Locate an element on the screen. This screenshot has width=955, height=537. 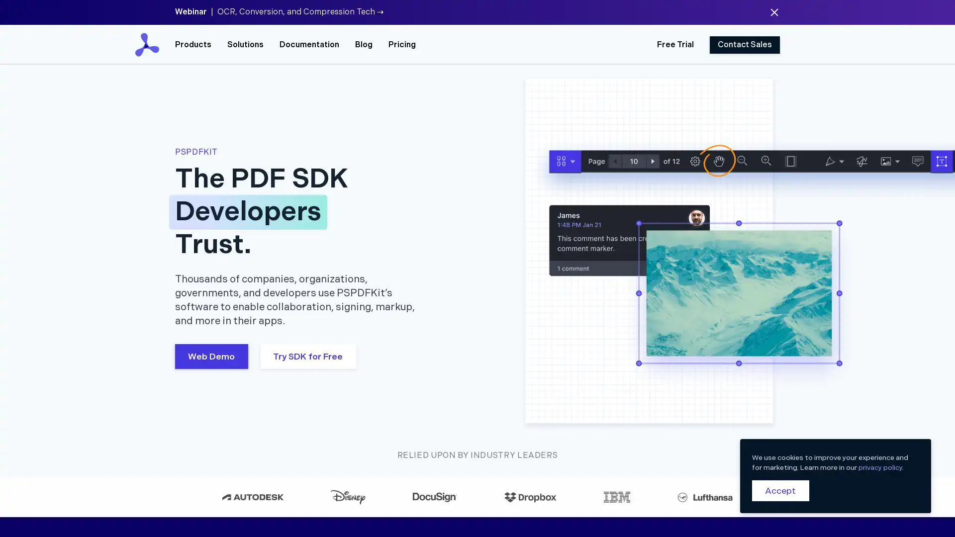
Accept is located at coordinates (780, 490).